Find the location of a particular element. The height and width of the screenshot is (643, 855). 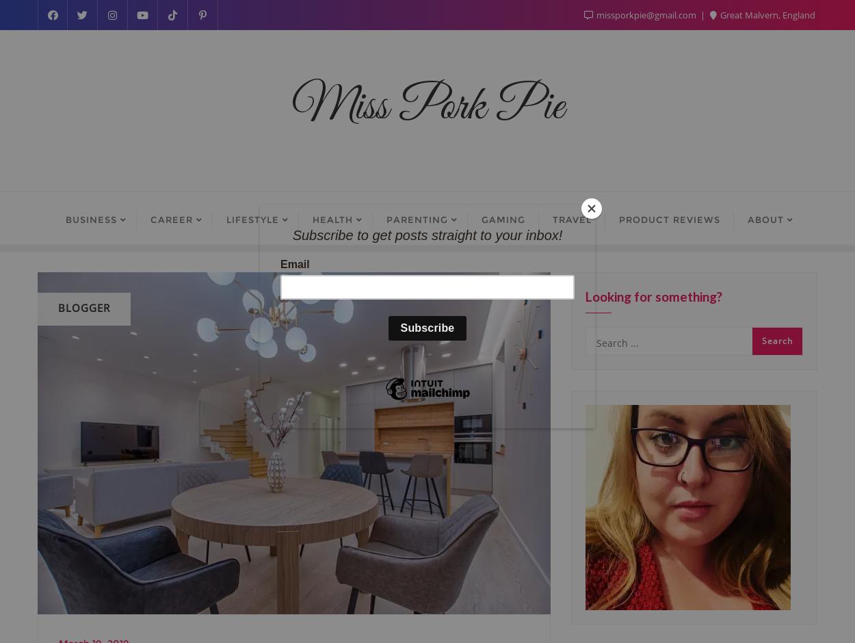

'missporkpie@gmail.com' is located at coordinates (646, 14).